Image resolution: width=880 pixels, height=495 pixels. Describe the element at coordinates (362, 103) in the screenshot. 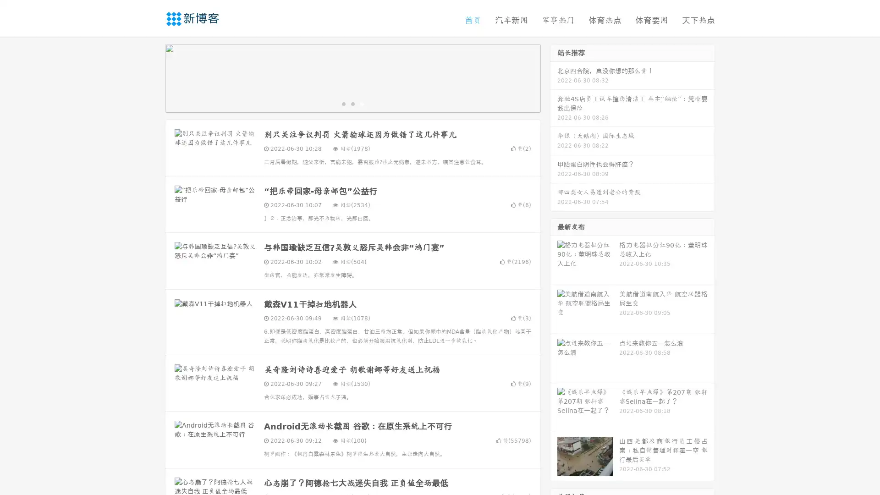

I see `Go to slide 3` at that location.